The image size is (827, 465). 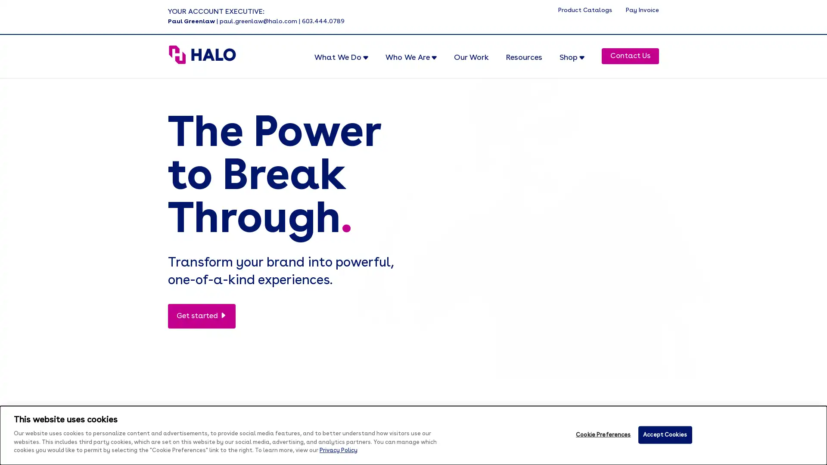 What do you see at coordinates (603, 435) in the screenshot?
I see `Cookie Preferences` at bounding box center [603, 435].